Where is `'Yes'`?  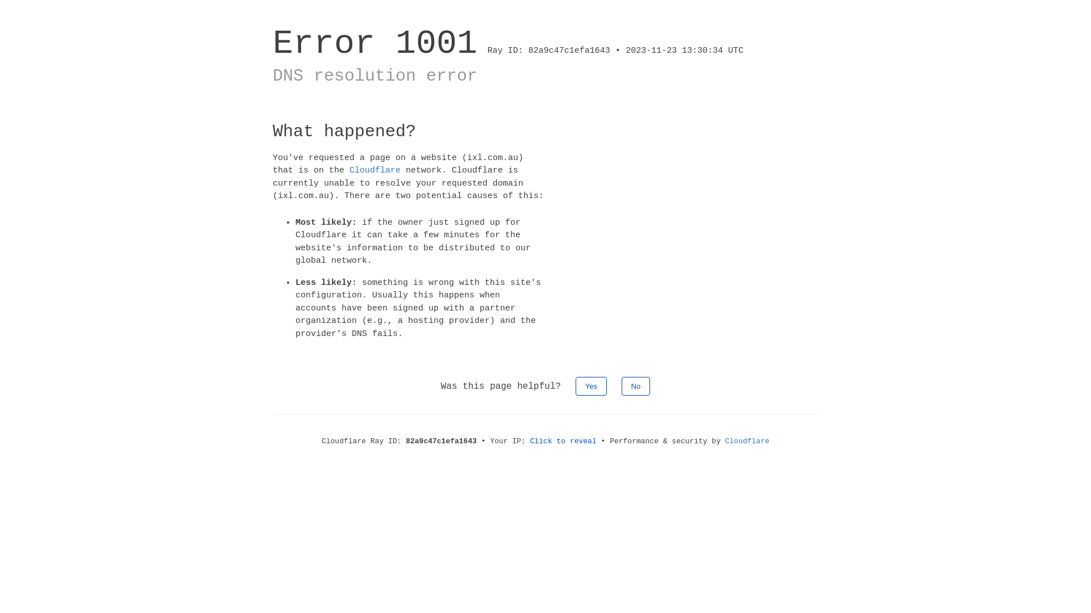
'Yes' is located at coordinates (591, 385).